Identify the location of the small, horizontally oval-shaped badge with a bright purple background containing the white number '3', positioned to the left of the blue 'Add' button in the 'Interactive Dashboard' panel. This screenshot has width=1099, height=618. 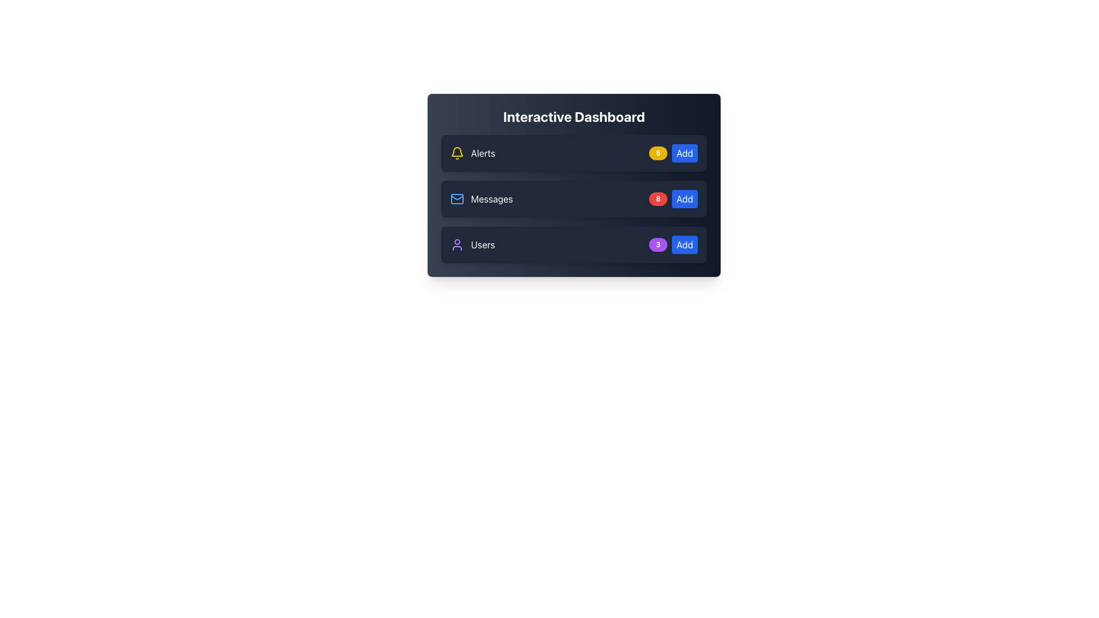
(658, 244).